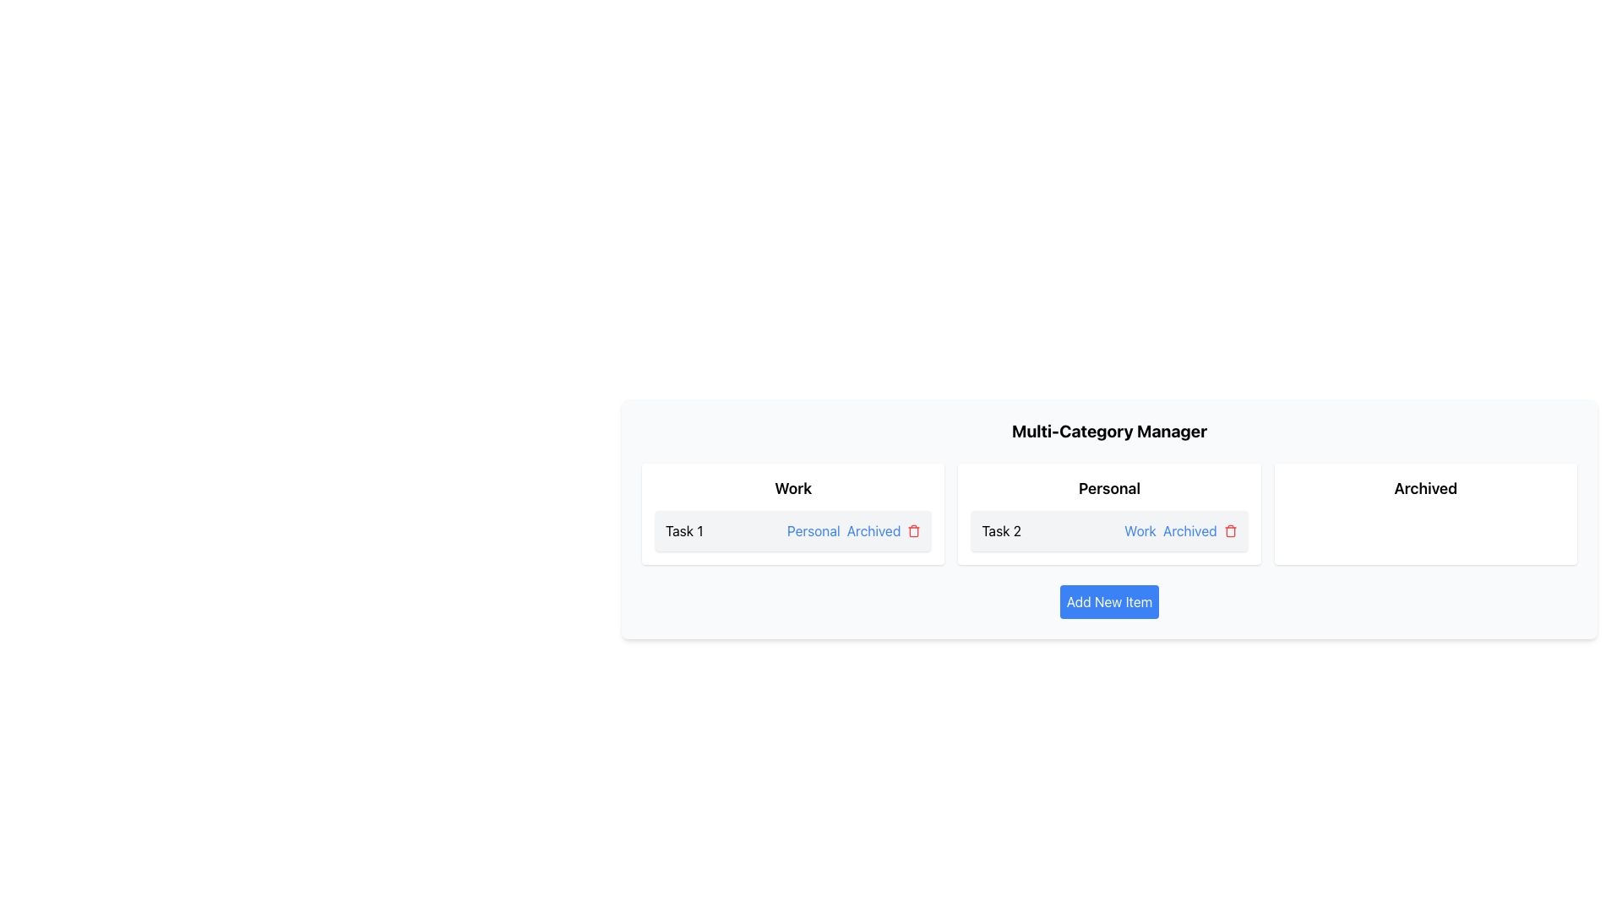  Describe the element at coordinates (913, 529) in the screenshot. I see `the red trash can icon button located adjacent to the 'Archived' link in the 'Work' section` at that location.